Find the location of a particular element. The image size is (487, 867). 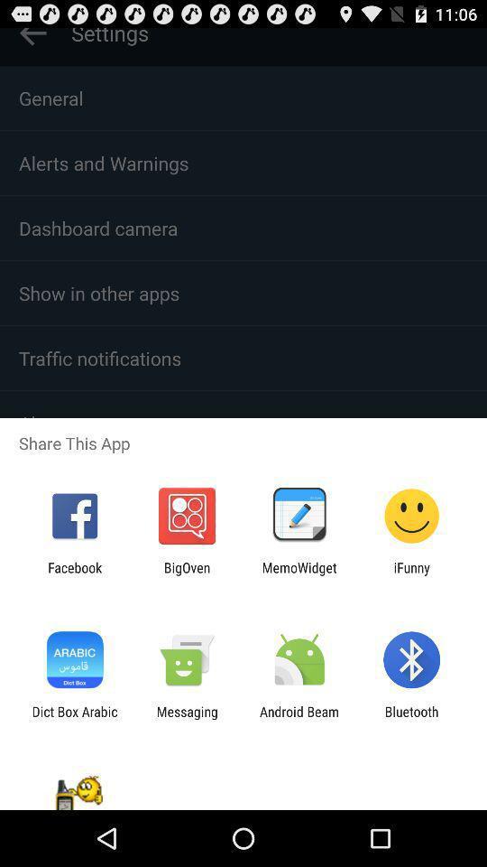

the facebook app is located at coordinates (74, 574).